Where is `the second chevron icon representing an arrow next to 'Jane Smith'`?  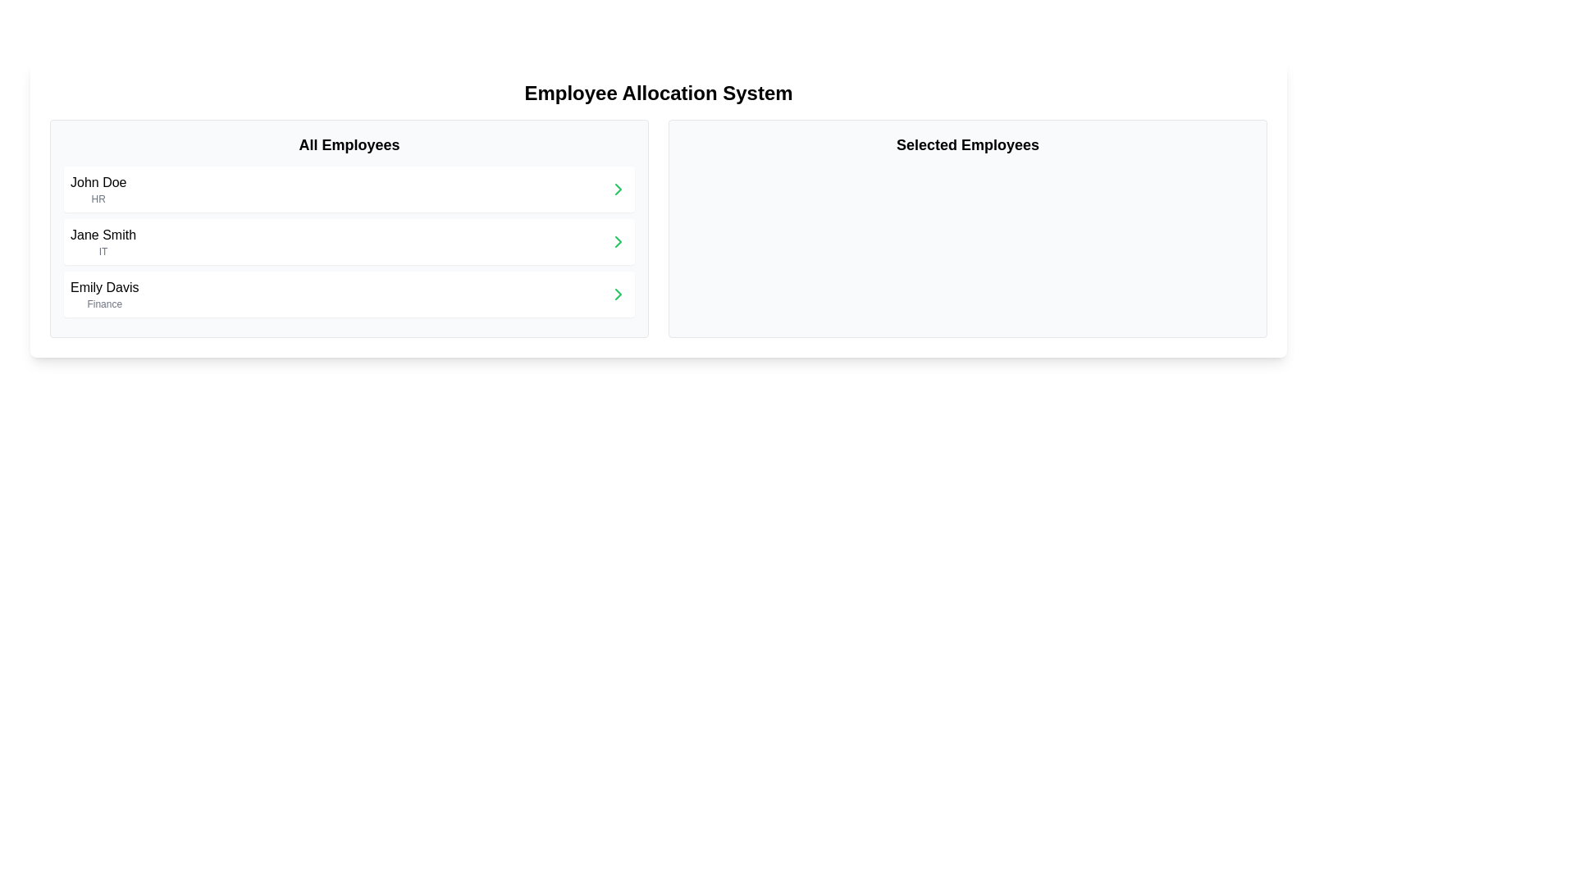
the second chevron icon representing an arrow next to 'Jane Smith' is located at coordinates (617, 241).